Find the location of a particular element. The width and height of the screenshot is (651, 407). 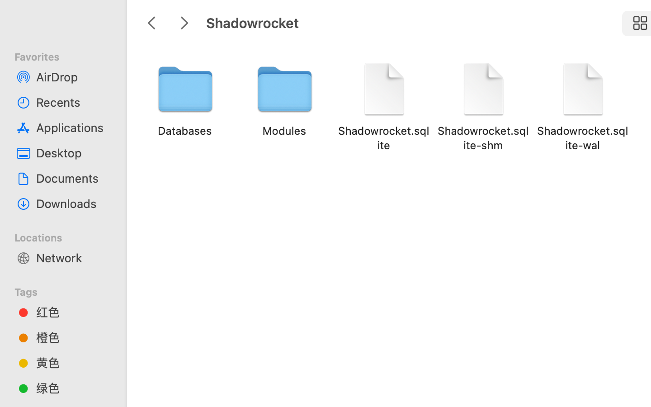

'Applications' is located at coordinates (72, 127).